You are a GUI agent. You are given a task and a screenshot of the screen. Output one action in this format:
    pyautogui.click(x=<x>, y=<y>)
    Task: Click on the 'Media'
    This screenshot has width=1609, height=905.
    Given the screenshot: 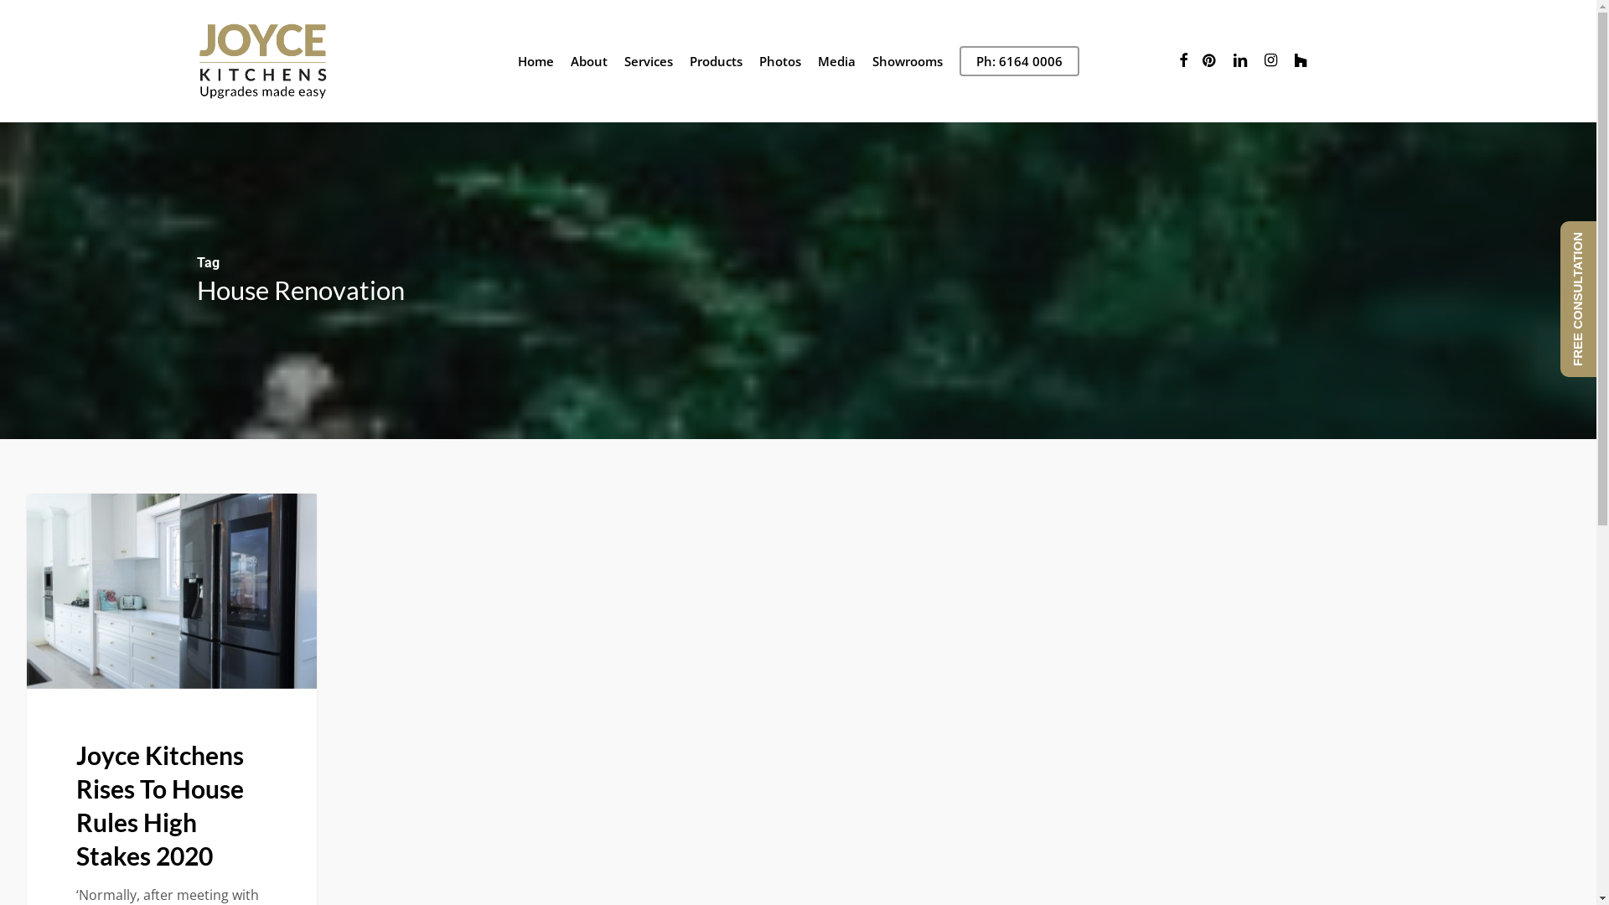 What is the action you would take?
    pyautogui.click(x=836, y=60)
    